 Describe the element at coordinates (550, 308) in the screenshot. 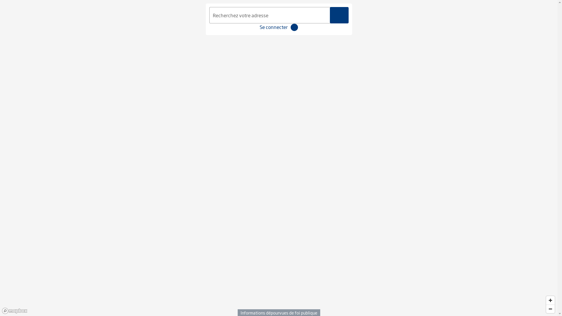

I see `'Zoom out'` at that location.